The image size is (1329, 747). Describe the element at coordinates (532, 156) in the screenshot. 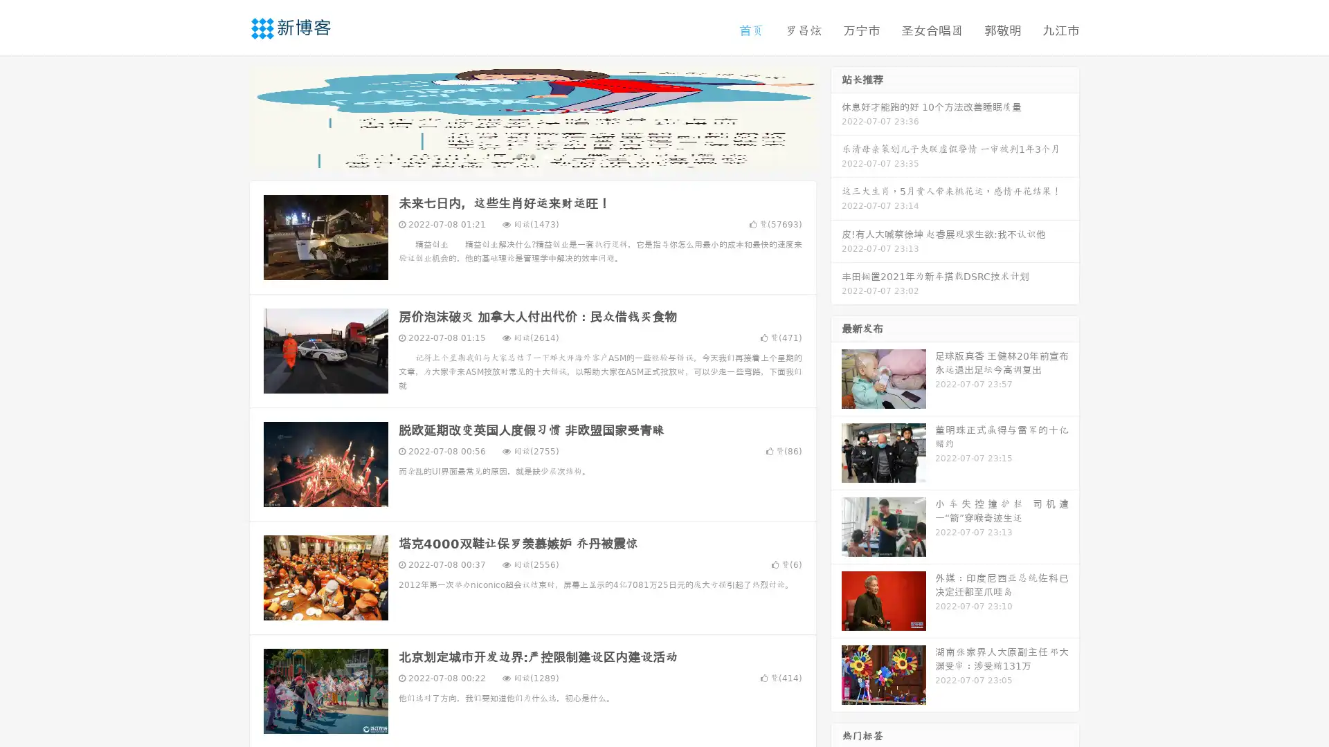

I see `Go to slide 2` at that location.